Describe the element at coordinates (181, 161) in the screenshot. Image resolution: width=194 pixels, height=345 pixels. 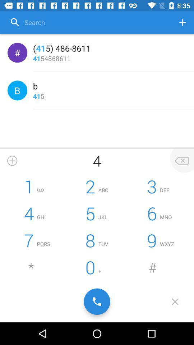
I see `delete last number input` at that location.